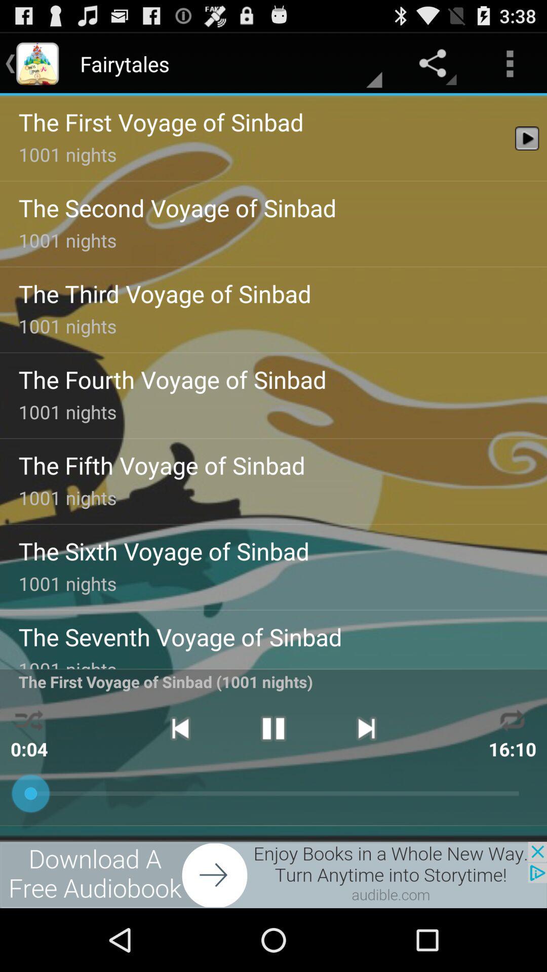  What do you see at coordinates (272, 779) in the screenshot?
I see `the pause icon` at bounding box center [272, 779].